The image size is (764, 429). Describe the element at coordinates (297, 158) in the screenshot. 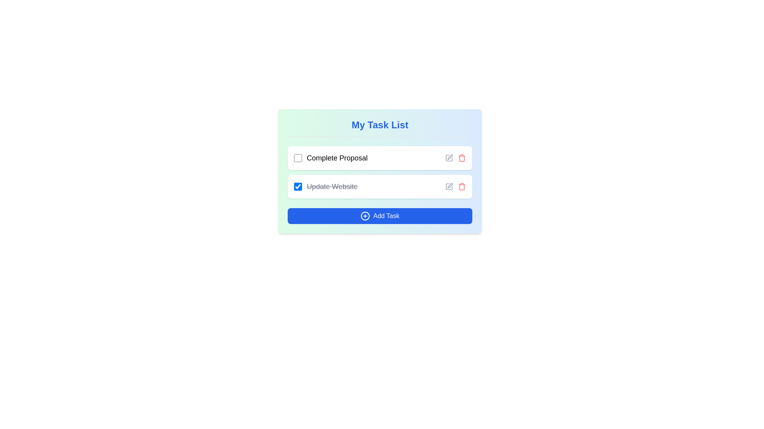

I see `the unselected blue-themed checkbox located to the left of the 'Complete Proposal' text label in the task list interface` at that location.